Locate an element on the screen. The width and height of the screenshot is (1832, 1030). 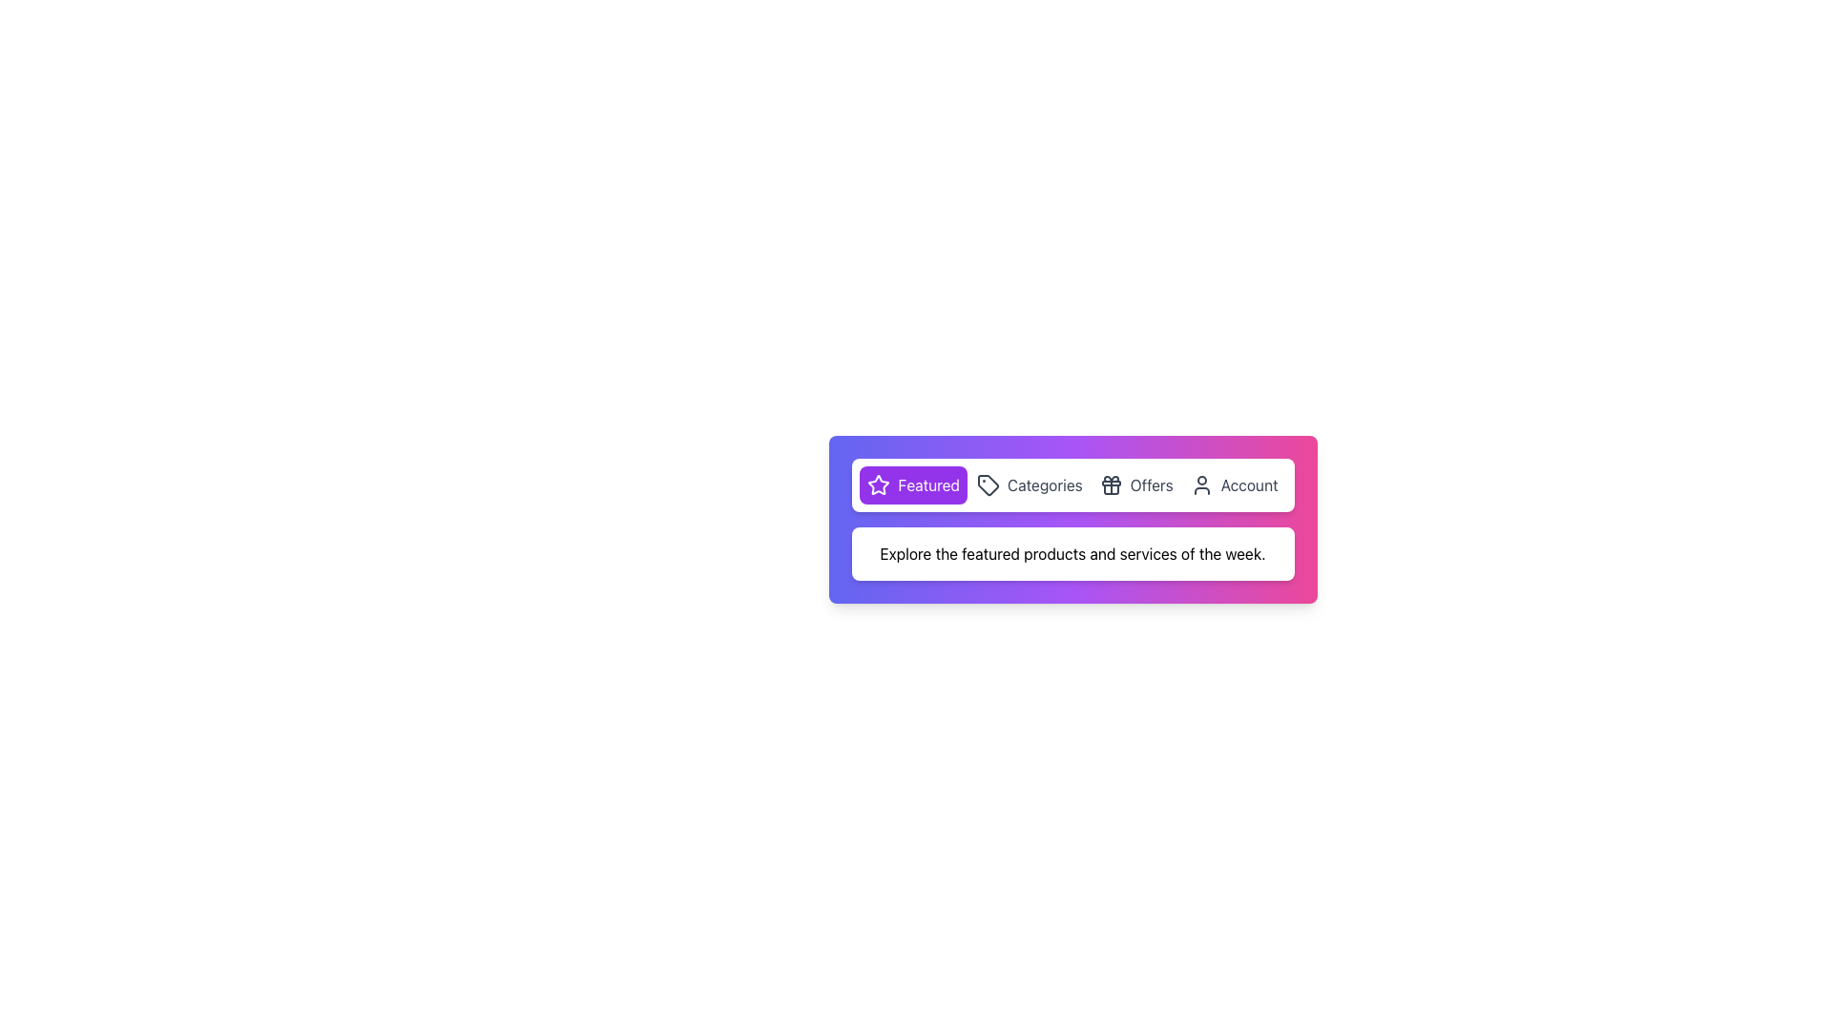
the 'Categories' navigation button is located at coordinates (1029, 484).